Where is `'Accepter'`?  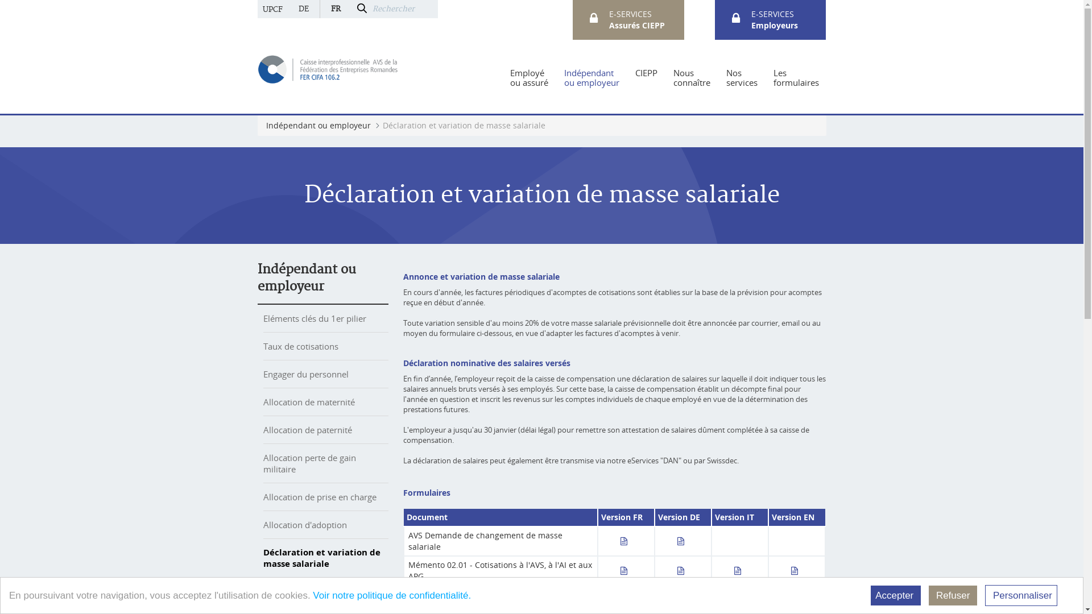 'Accepter' is located at coordinates (895, 595).